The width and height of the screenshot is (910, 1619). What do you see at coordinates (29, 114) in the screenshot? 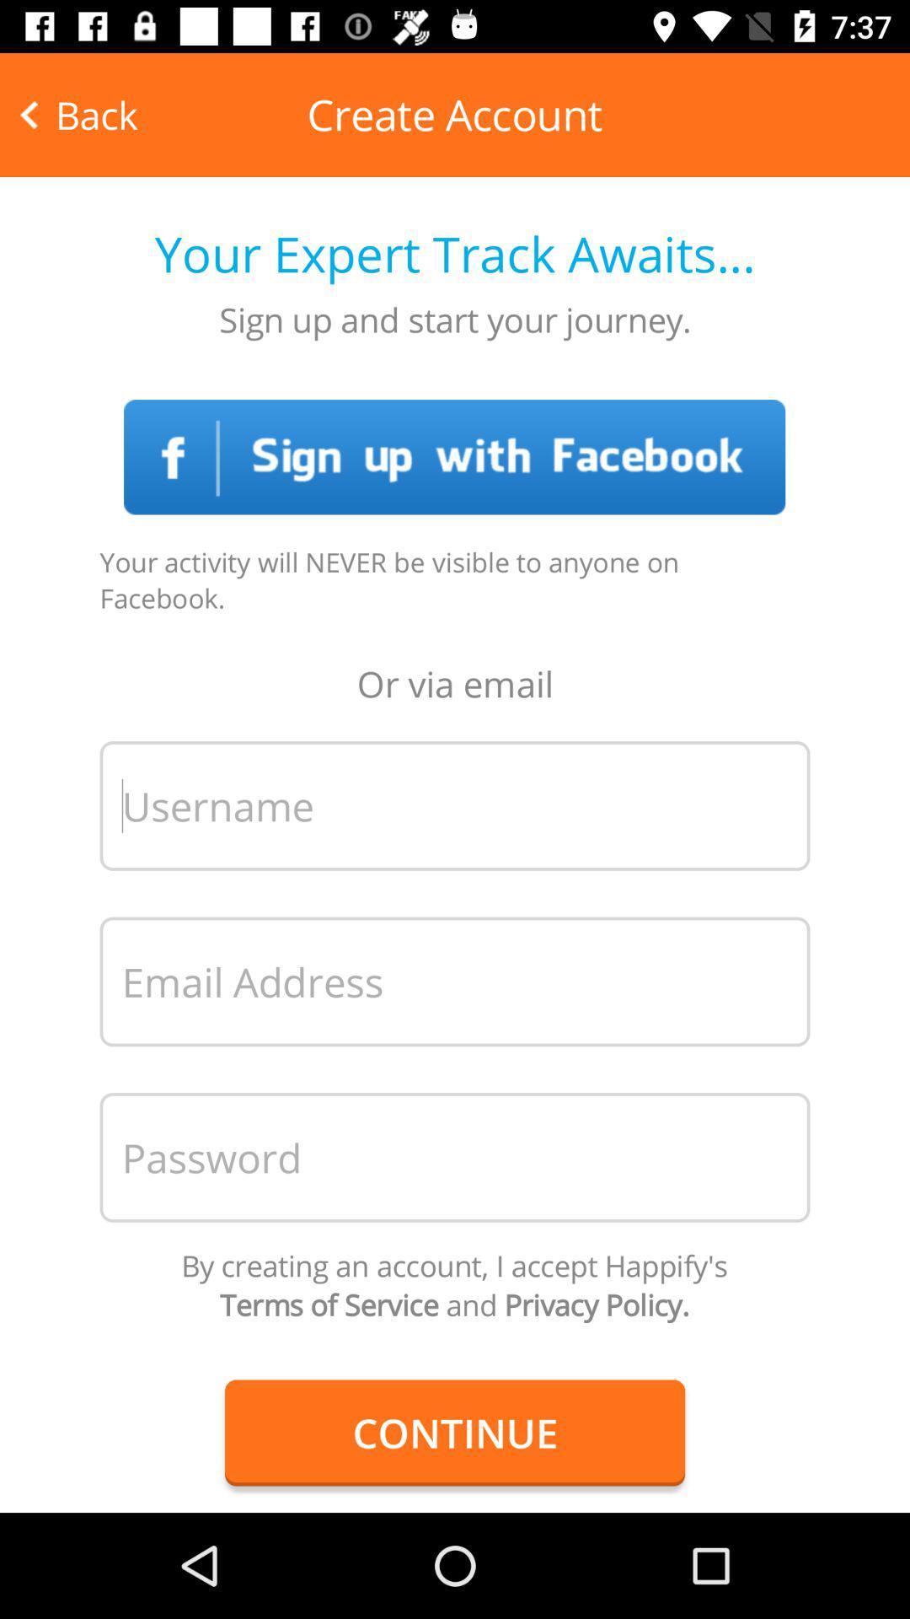
I see `the arrow_backward icon` at bounding box center [29, 114].